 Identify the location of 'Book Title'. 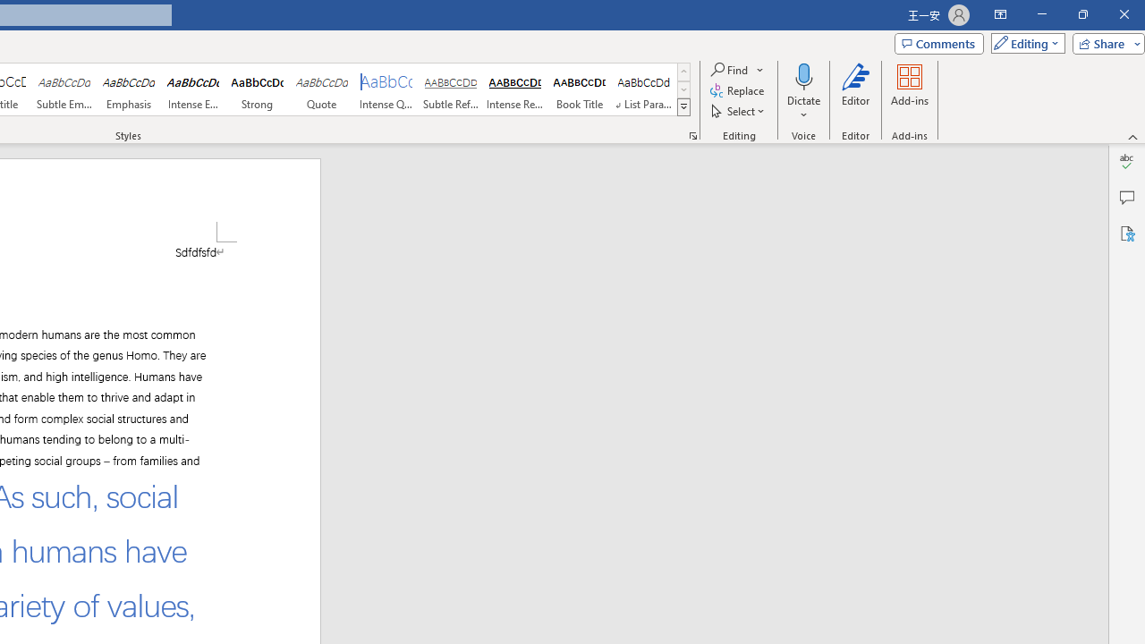
(579, 89).